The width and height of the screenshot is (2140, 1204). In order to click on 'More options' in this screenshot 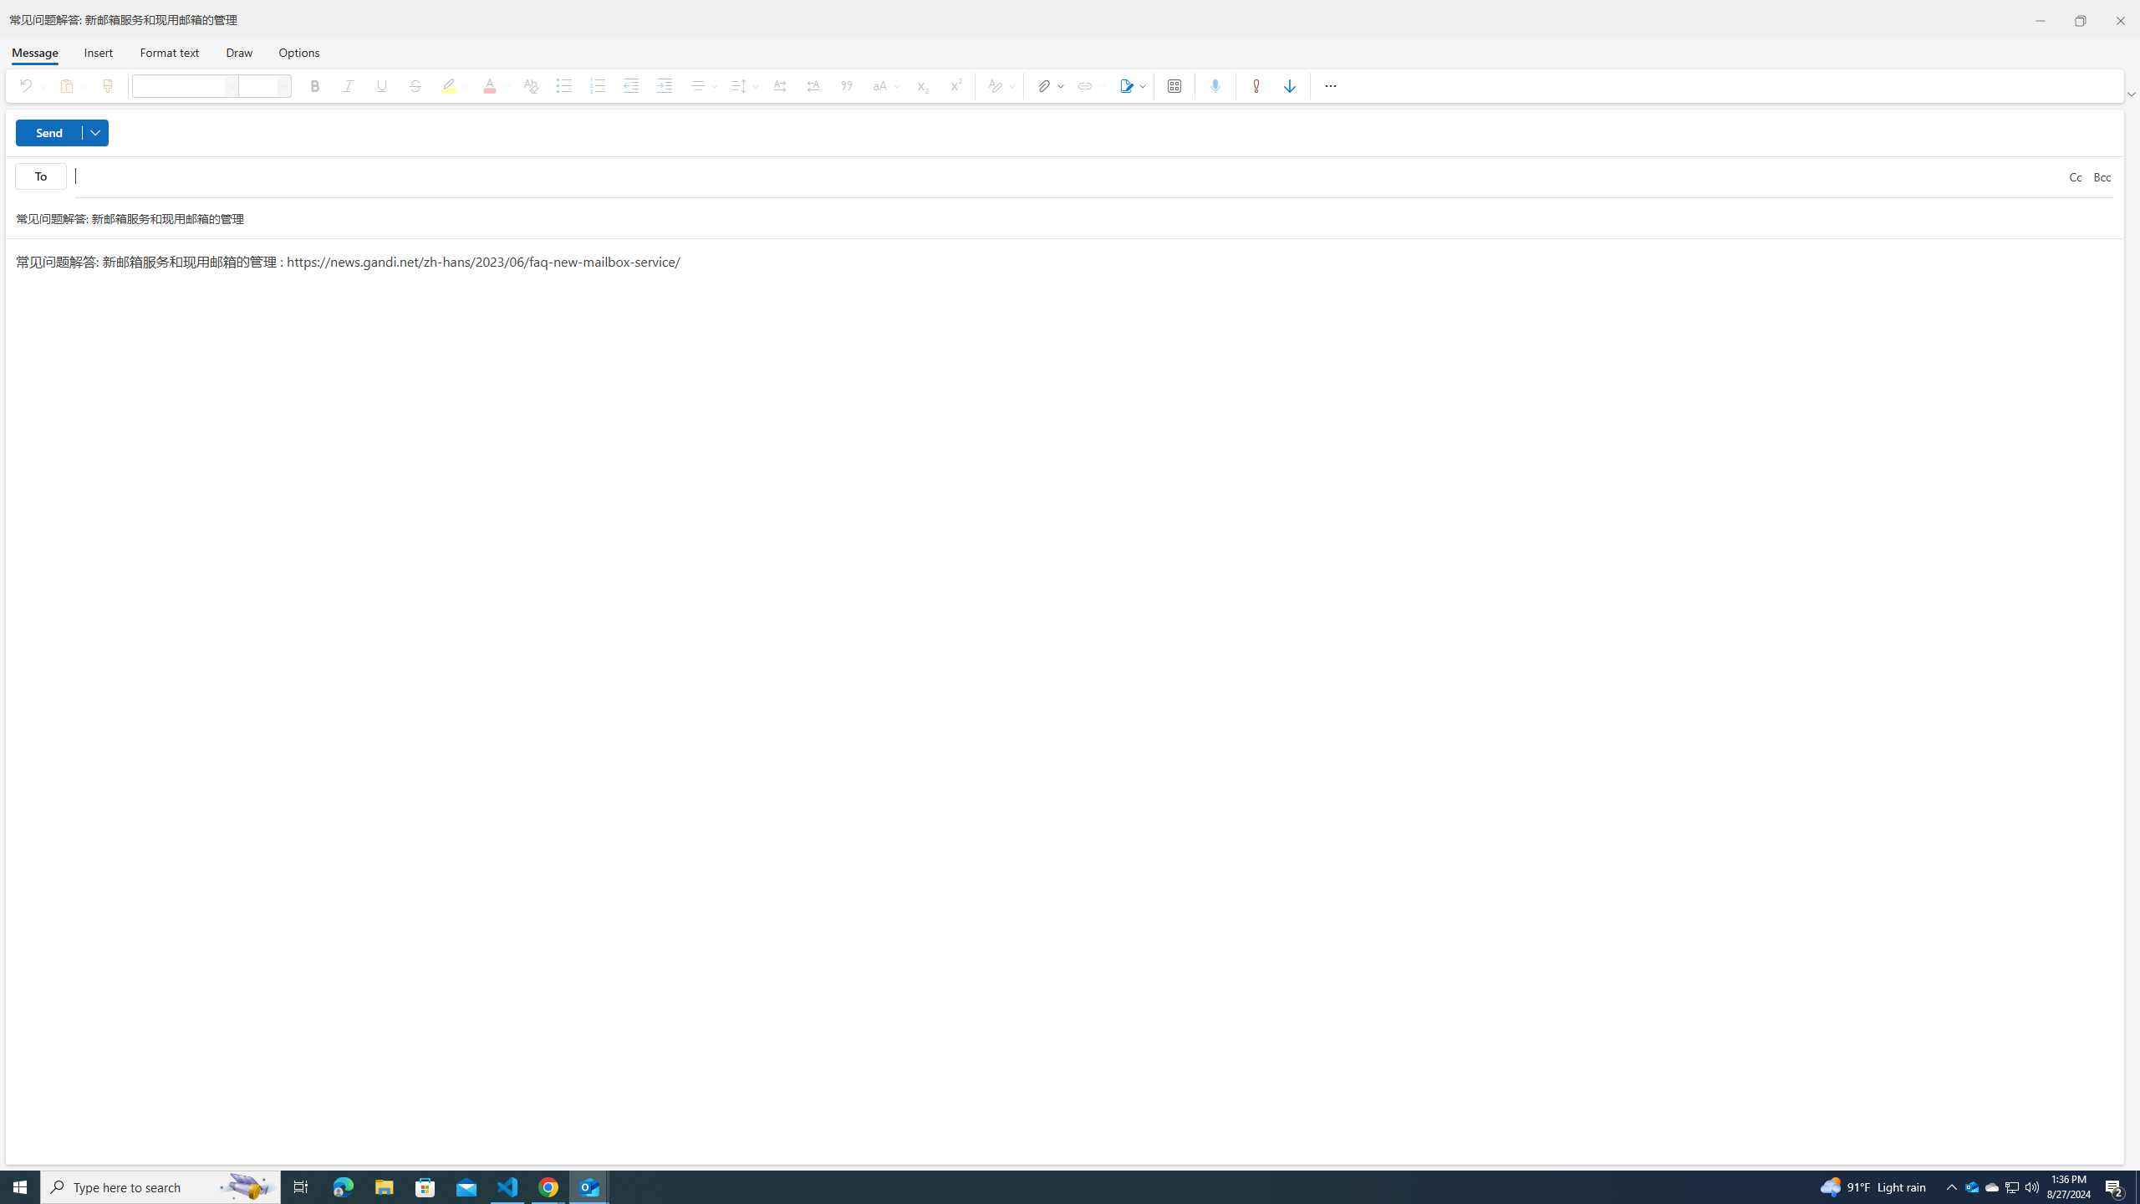, I will do `click(1330, 85)`.